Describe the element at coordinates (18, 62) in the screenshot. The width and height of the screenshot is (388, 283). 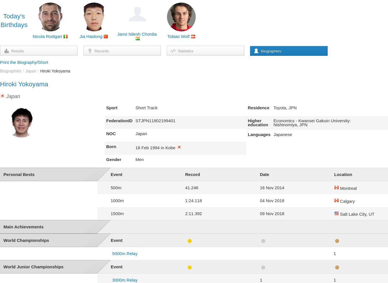
I see `'Print the Biography'` at that location.